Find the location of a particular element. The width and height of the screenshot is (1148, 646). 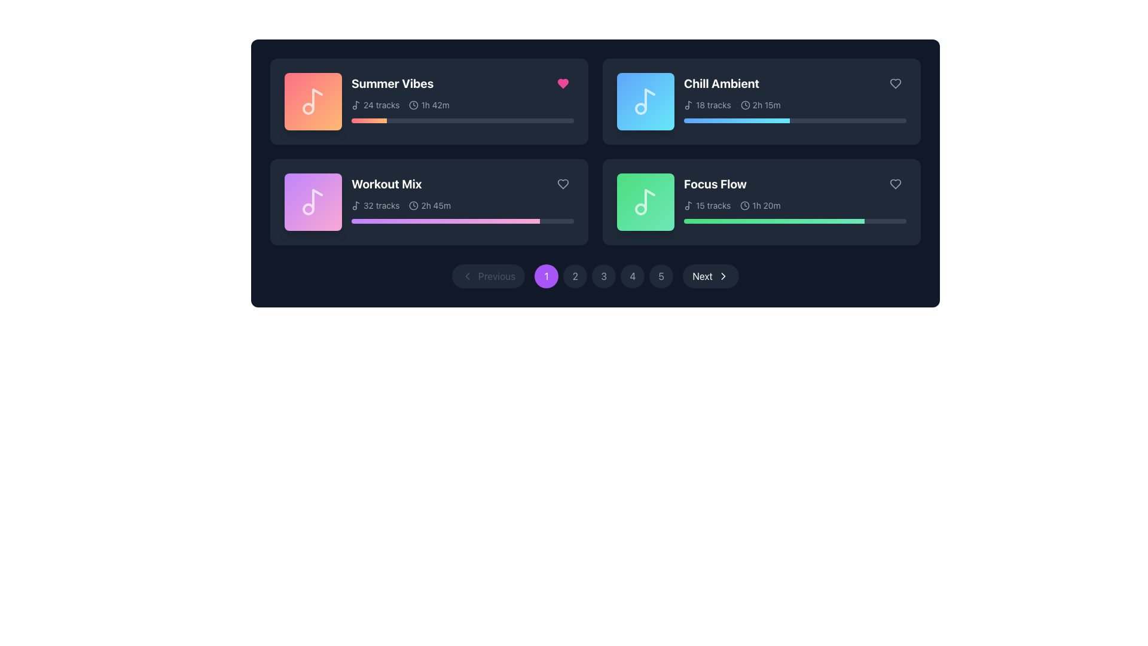

the third pagination button located at the bottom center of the interface is located at coordinates (604, 276).